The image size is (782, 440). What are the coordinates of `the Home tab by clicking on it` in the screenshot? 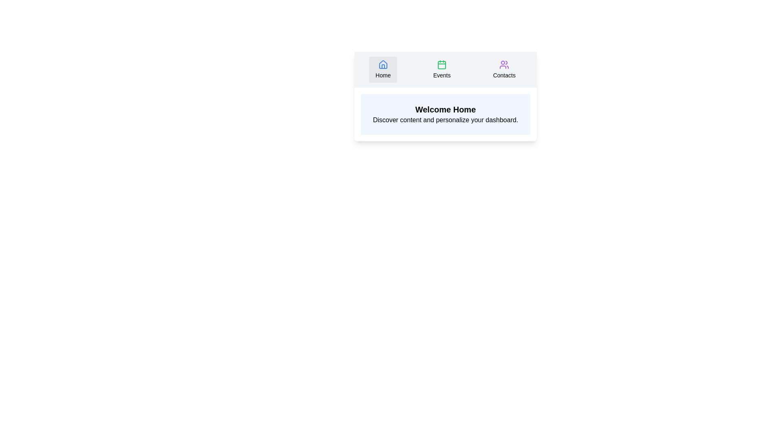 It's located at (382, 69).